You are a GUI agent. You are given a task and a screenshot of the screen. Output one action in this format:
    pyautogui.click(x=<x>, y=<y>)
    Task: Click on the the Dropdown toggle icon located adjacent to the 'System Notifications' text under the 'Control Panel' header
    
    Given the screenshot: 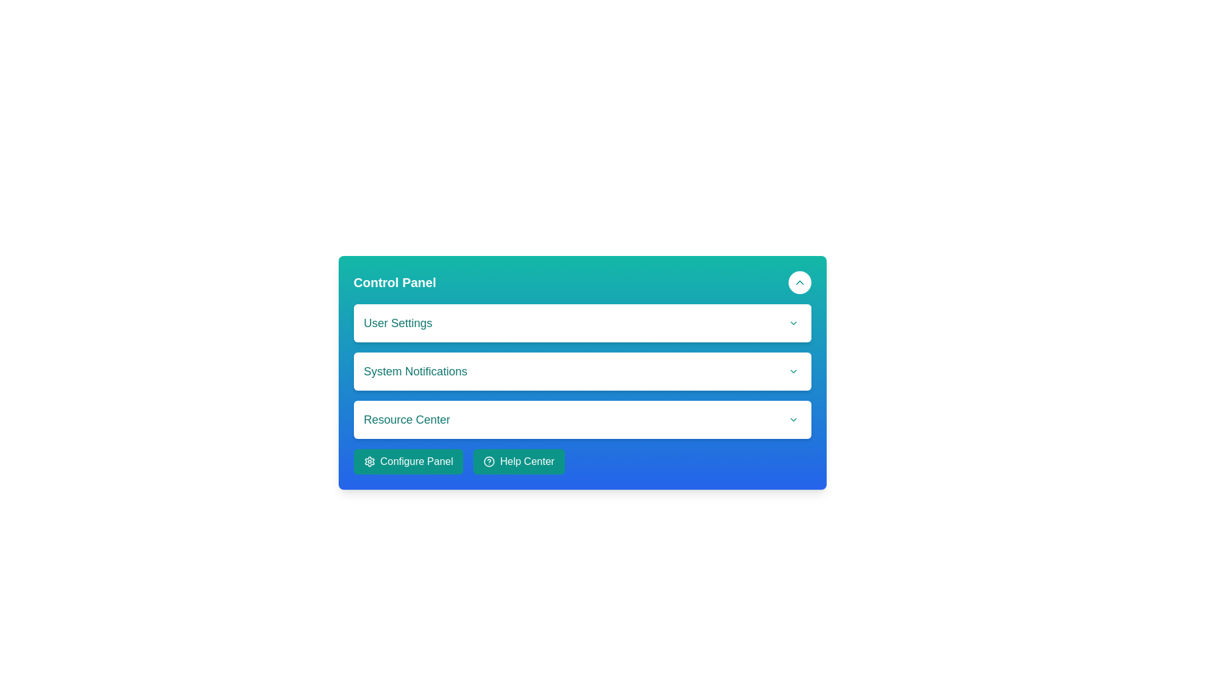 What is the action you would take?
    pyautogui.click(x=792, y=372)
    